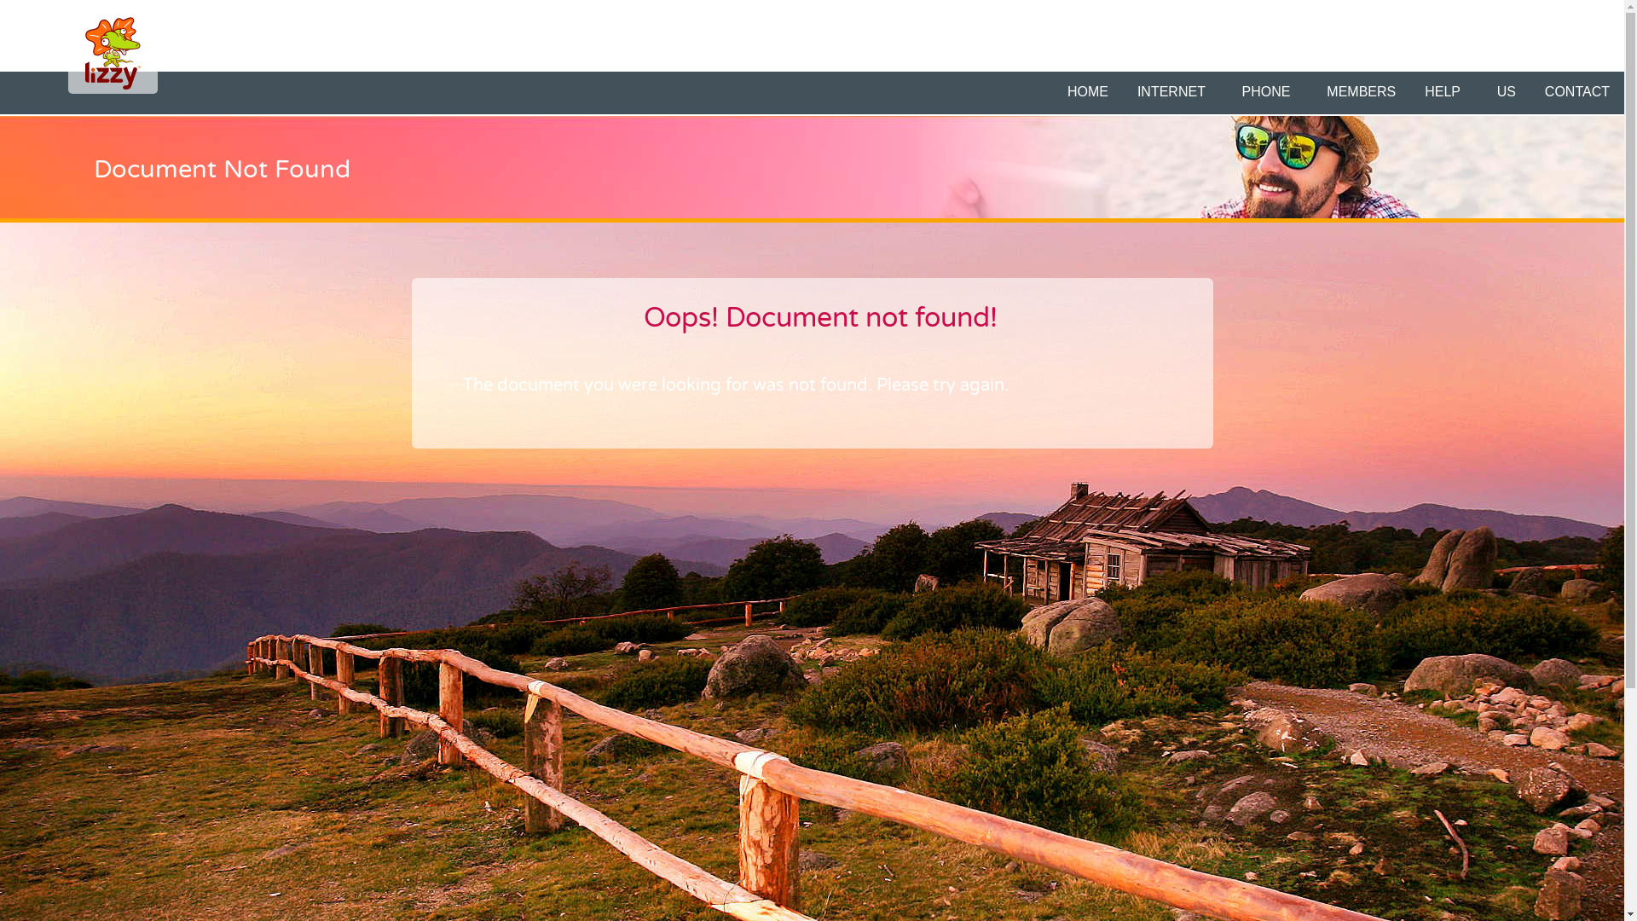 The width and height of the screenshot is (1637, 921). I want to click on 'INTERNET  ', so click(1174, 92).